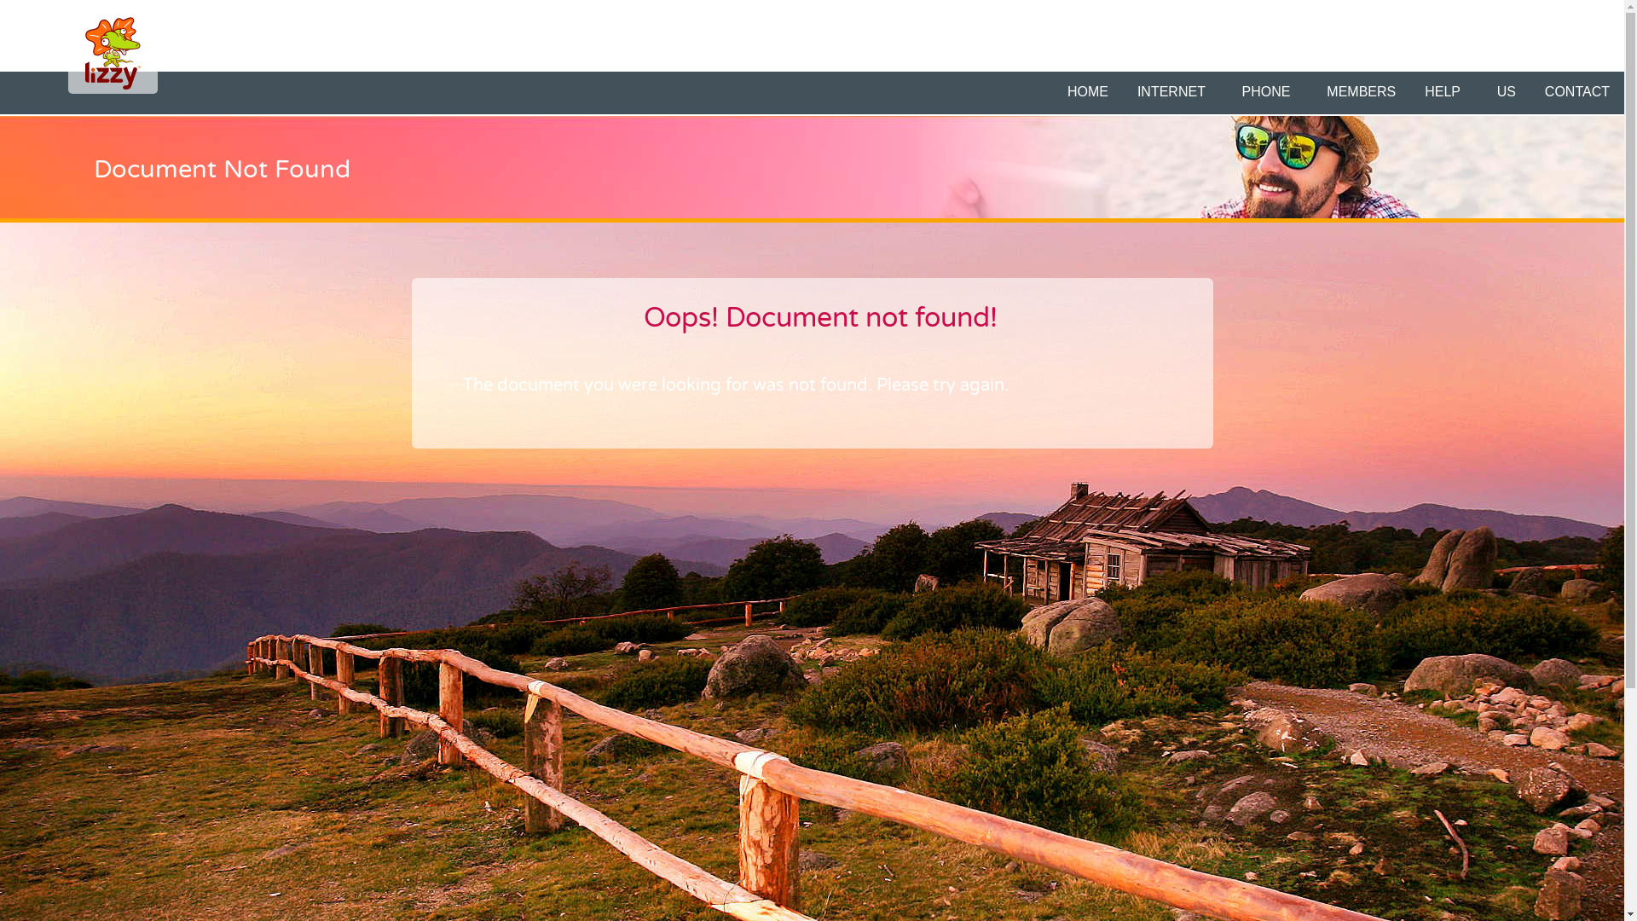 The width and height of the screenshot is (1637, 921). I want to click on 'INTERNET  ', so click(1174, 92).